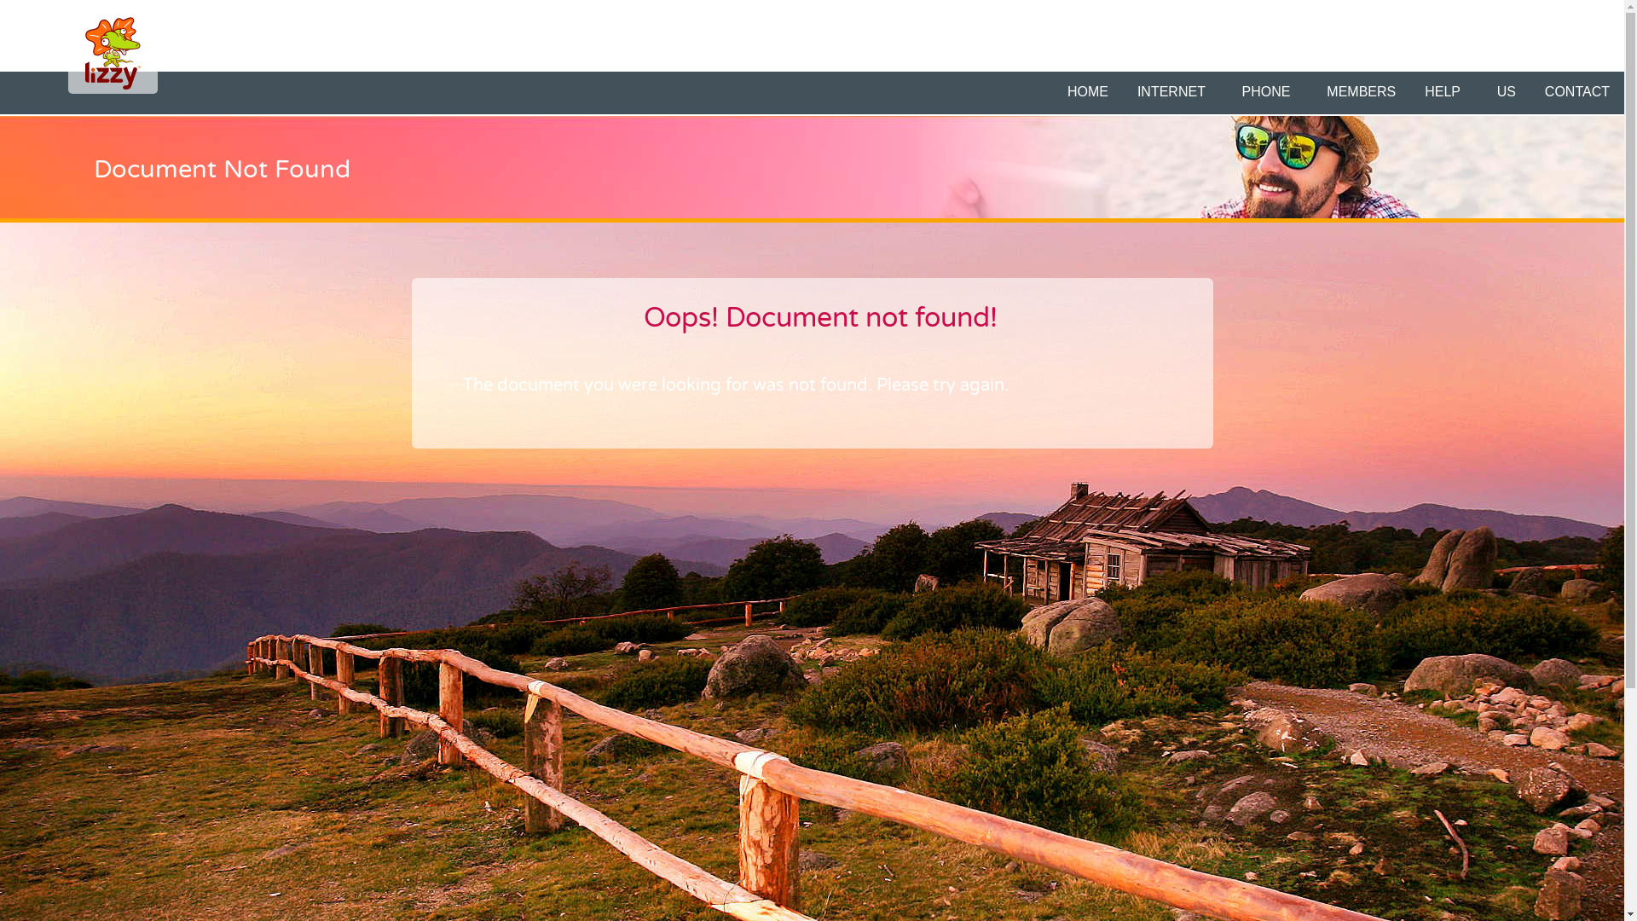 The width and height of the screenshot is (1637, 921). I want to click on 'INTERNET  ', so click(1174, 92).